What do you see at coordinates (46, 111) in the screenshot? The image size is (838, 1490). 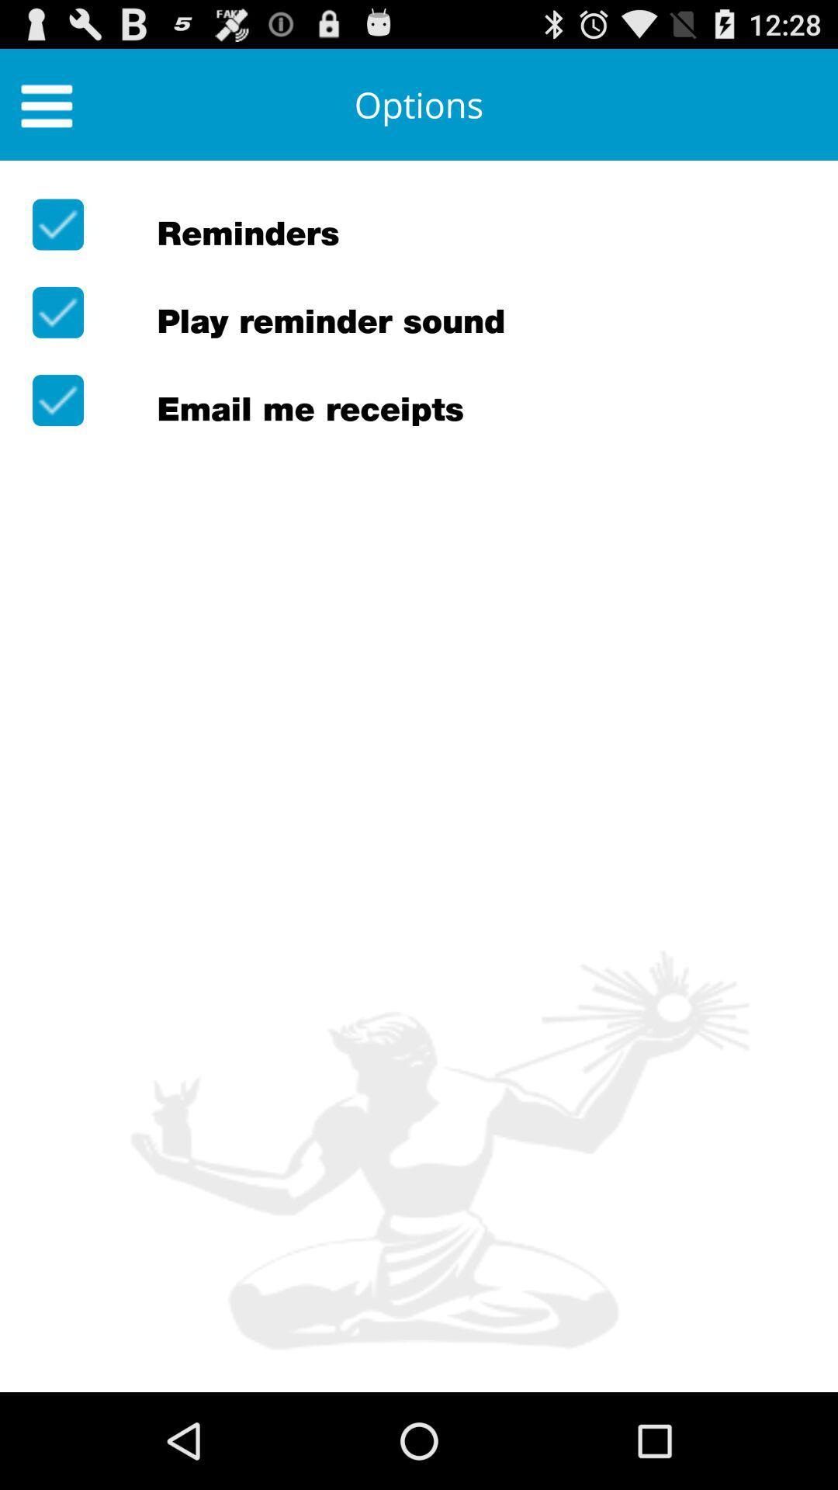 I see `the menu icon` at bounding box center [46, 111].